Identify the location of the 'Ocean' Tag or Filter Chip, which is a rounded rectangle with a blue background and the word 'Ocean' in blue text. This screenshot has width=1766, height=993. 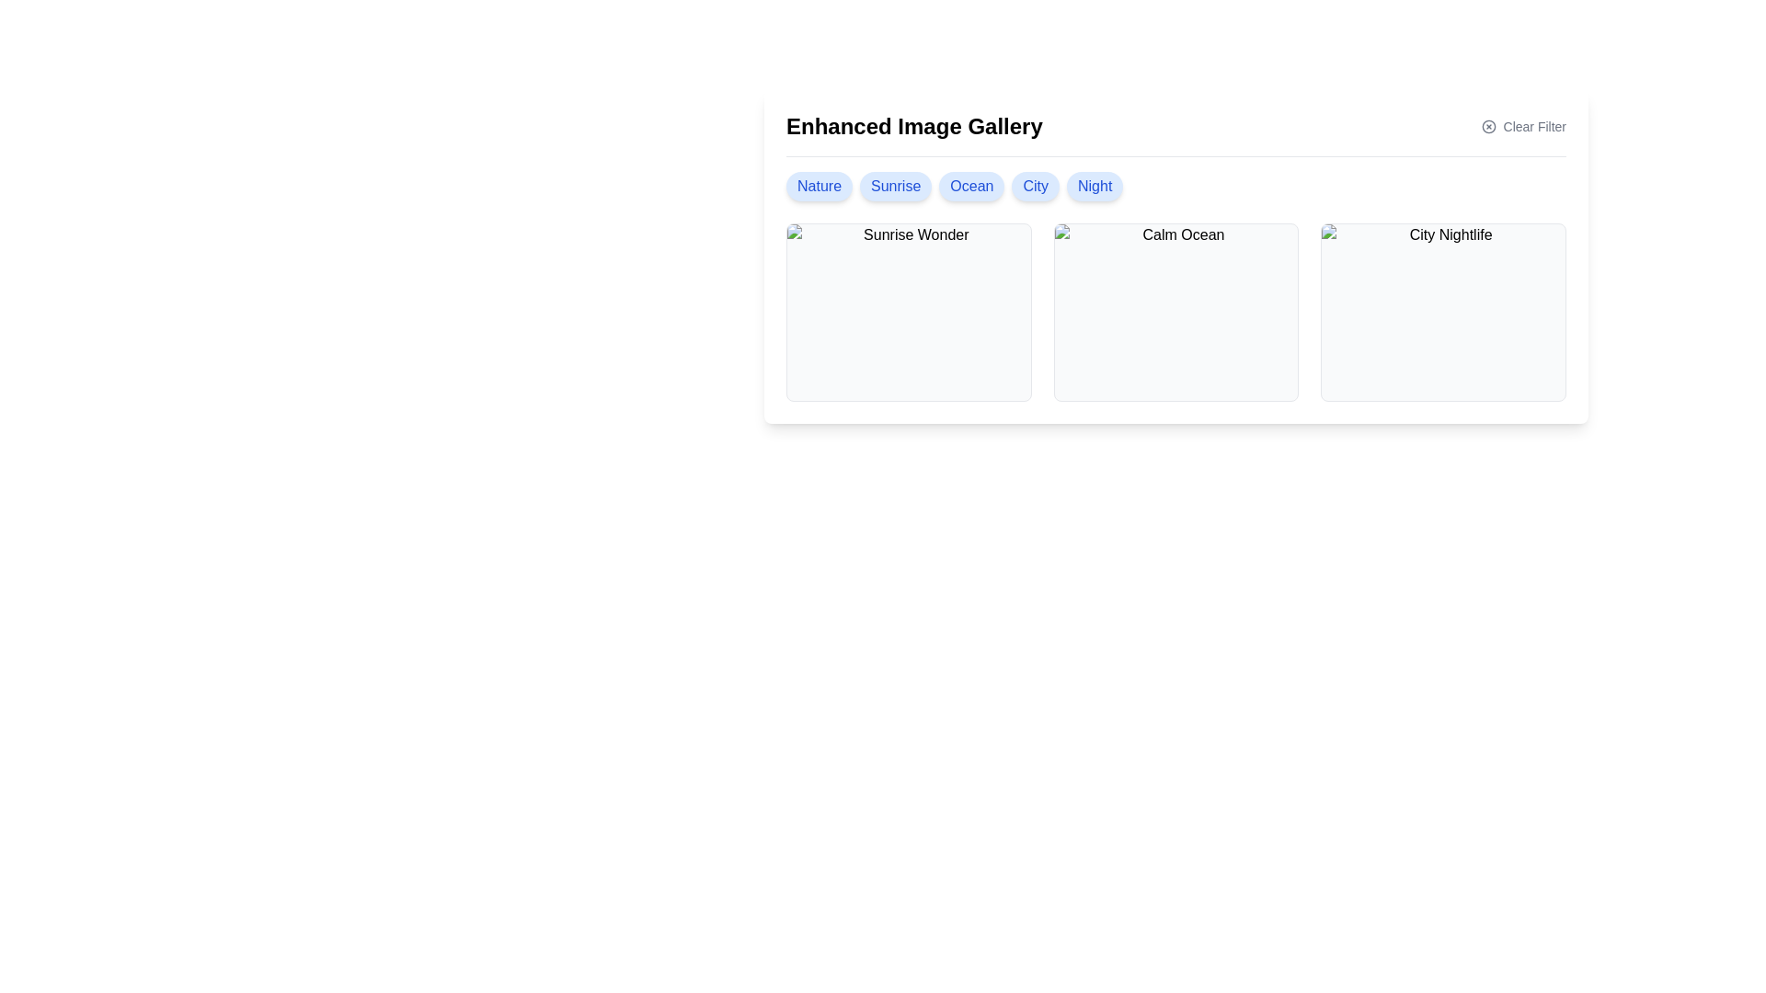
(970, 187).